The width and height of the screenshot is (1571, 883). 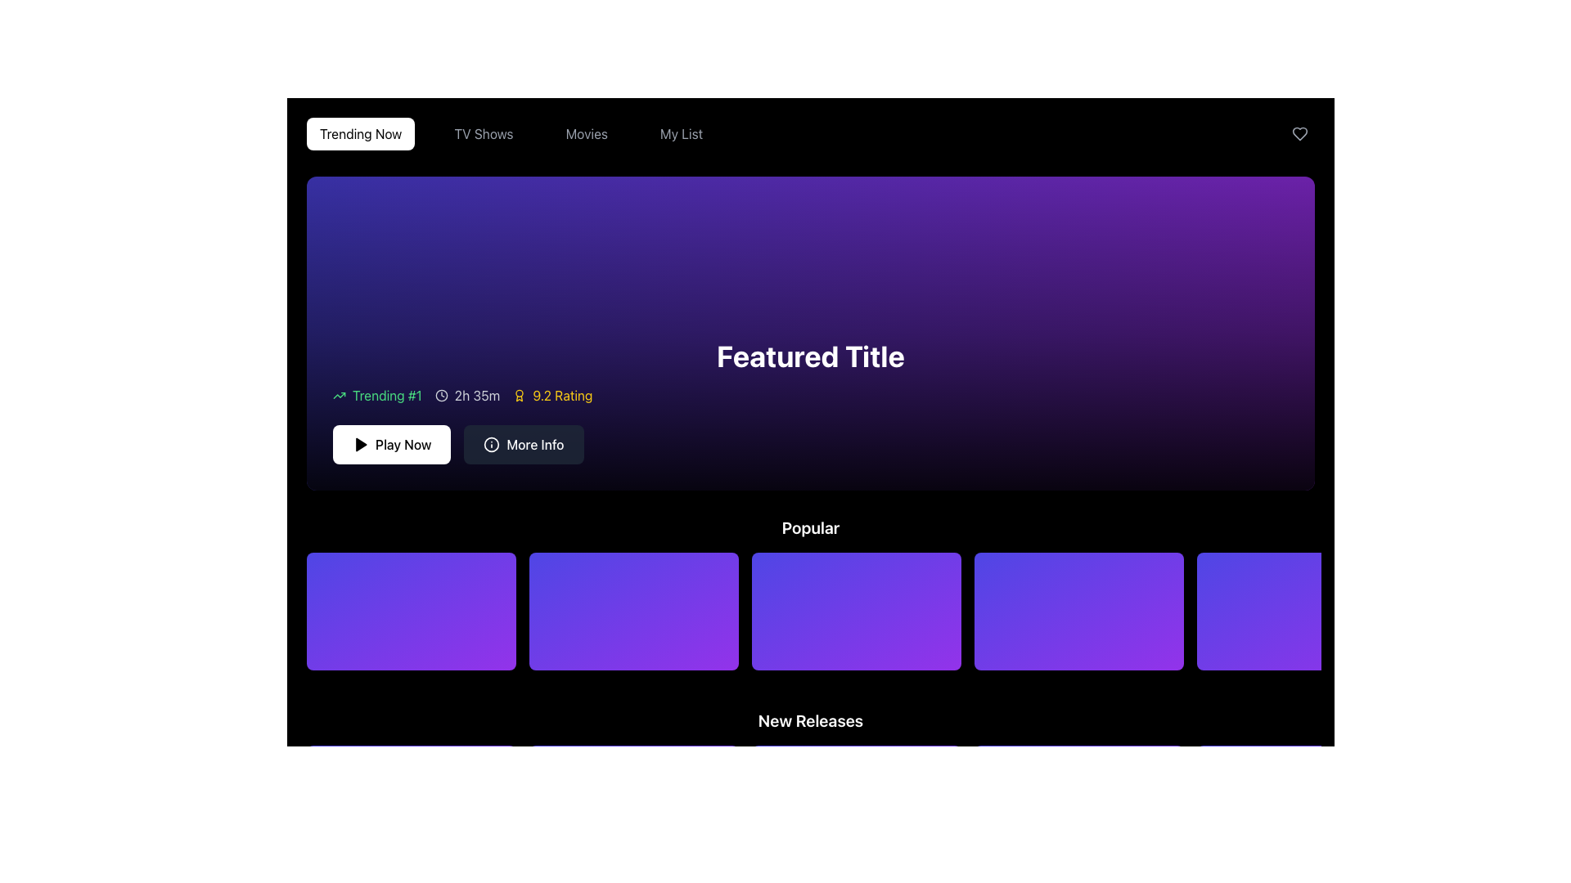 I want to click on the second Interactive Card in the 'Popular' section, which represents a specific feature or content item, so click(x=632, y=612).